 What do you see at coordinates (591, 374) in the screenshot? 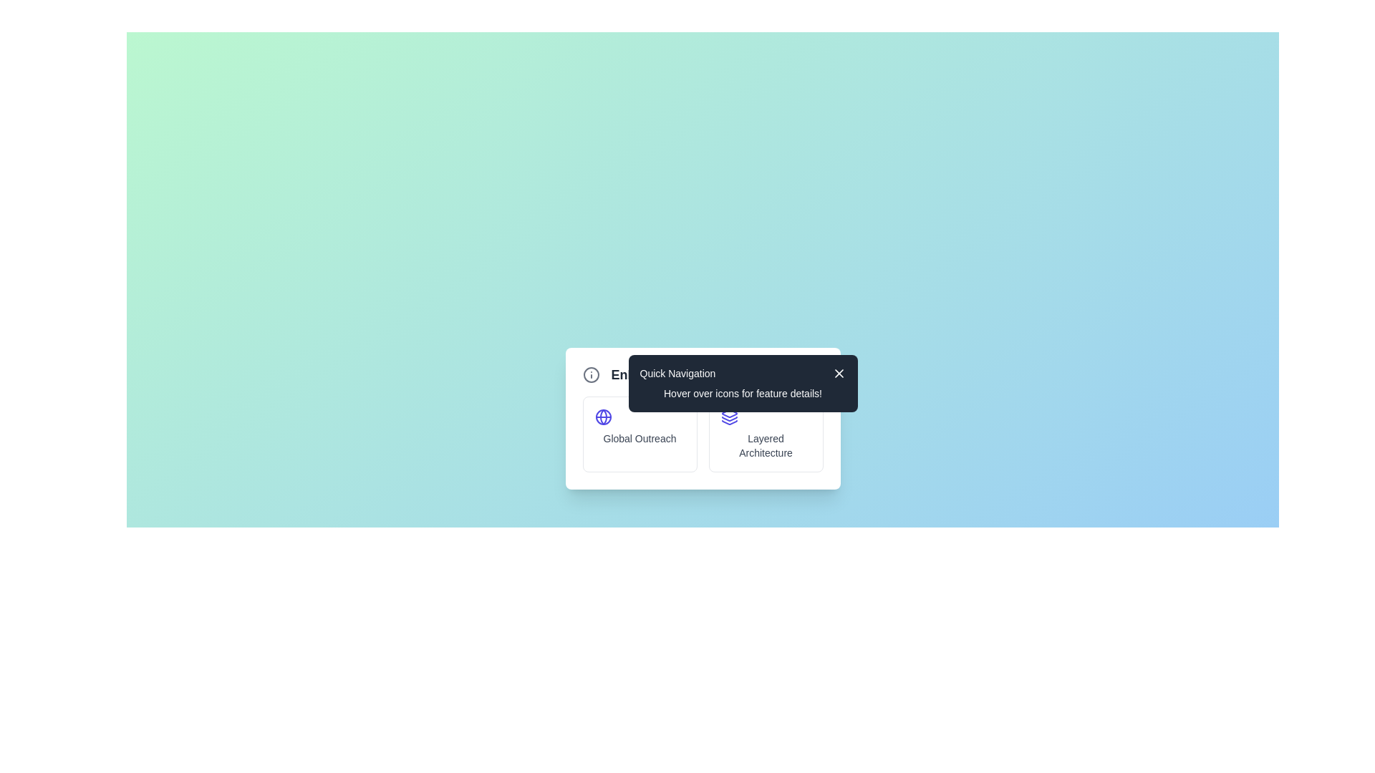
I see `the leftmost icon adjacent to the 'Enhanced Explorer' text label` at bounding box center [591, 374].